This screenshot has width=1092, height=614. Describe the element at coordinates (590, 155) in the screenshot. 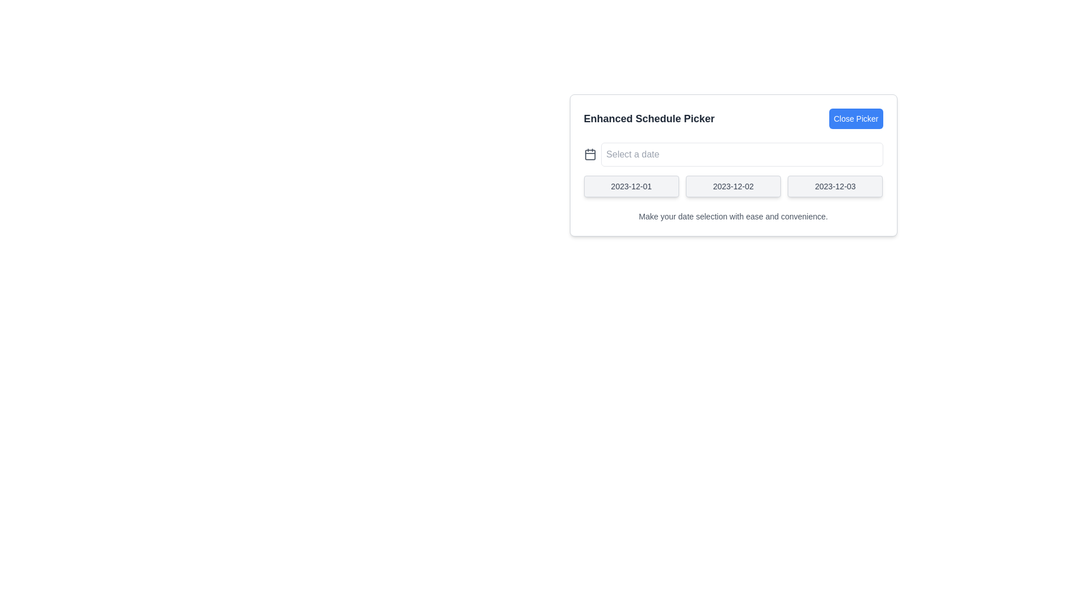

I see `the date selection button/icon located near the left edge of the date picker input box` at that location.